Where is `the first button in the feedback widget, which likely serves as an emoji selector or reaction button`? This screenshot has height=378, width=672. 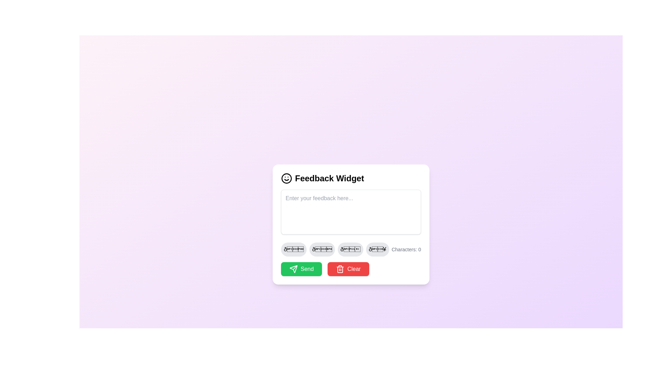
the first button in the feedback widget, which likely serves as an emoji selector or reaction button is located at coordinates (294, 249).